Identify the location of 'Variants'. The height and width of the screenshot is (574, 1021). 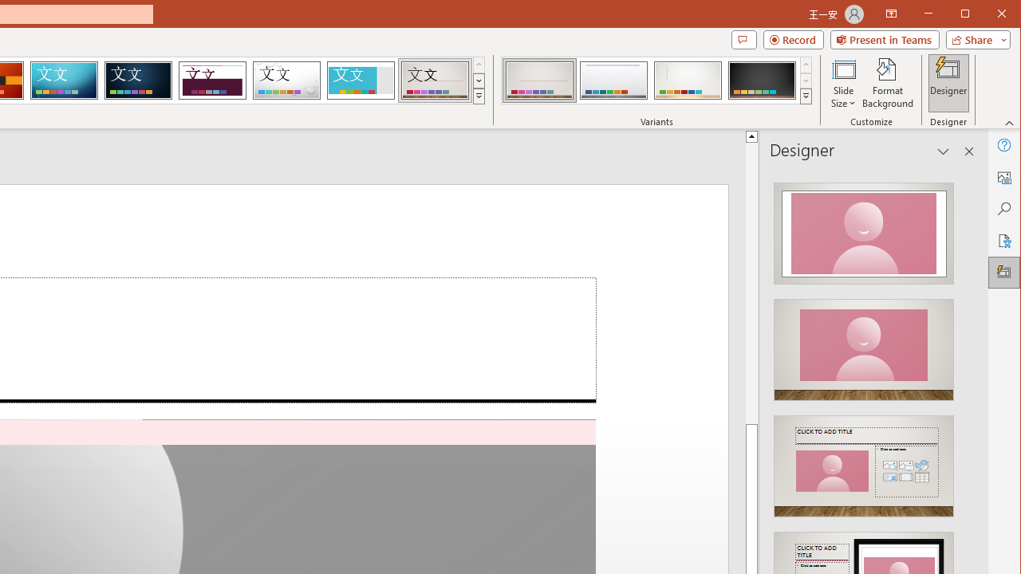
(806, 96).